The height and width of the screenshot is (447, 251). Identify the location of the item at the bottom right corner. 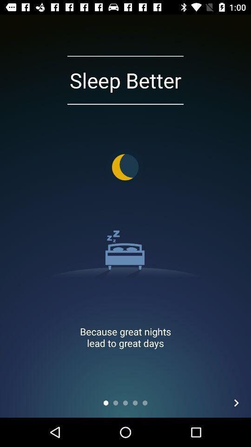
(236, 402).